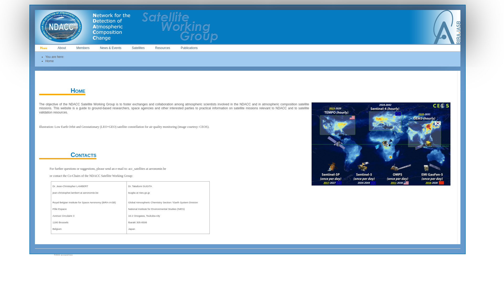 This screenshot has height=283, width=504. I want to click on 'News & Events', so click(94, 48).